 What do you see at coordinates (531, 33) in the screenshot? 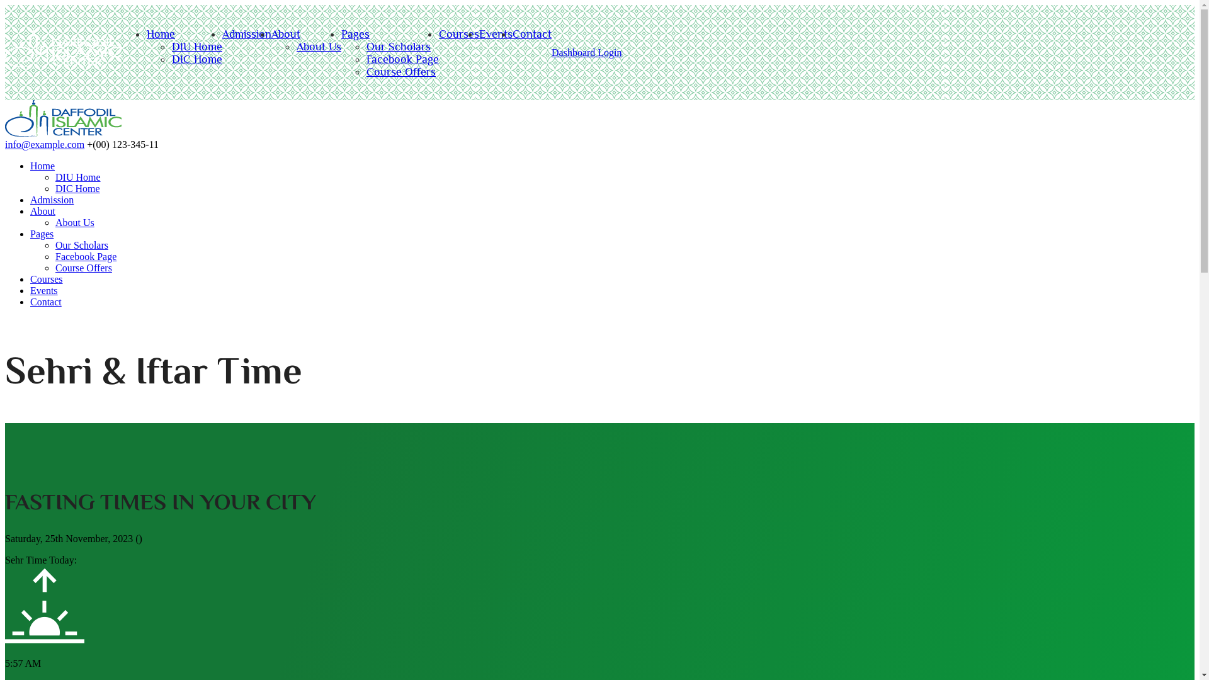
I see `'Contact'` at bounding box center [531, 33].